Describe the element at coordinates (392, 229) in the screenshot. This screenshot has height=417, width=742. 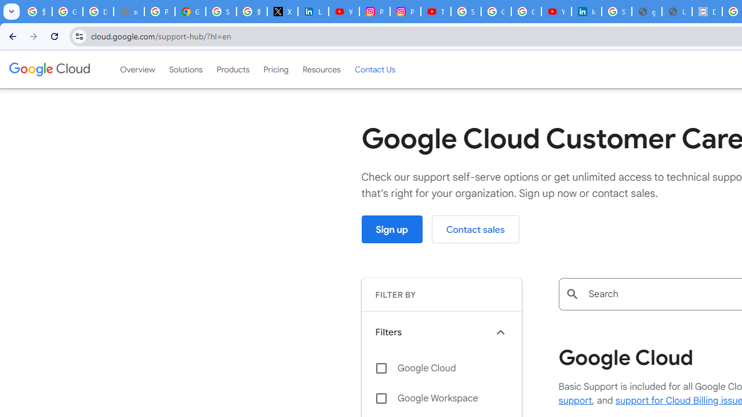
I see `'Sign up'` at that location.